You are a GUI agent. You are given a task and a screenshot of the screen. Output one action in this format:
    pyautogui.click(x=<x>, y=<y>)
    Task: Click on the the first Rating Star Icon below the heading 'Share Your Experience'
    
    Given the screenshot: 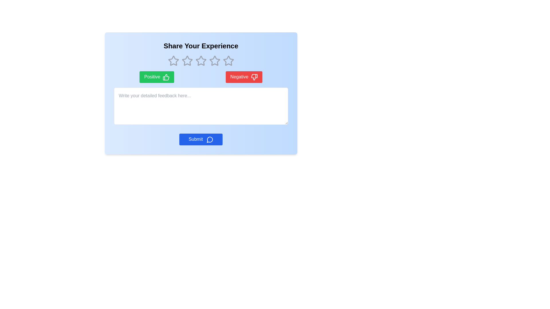 What is the action you would take?
    pyautogui.click(x=173, y=61)
    